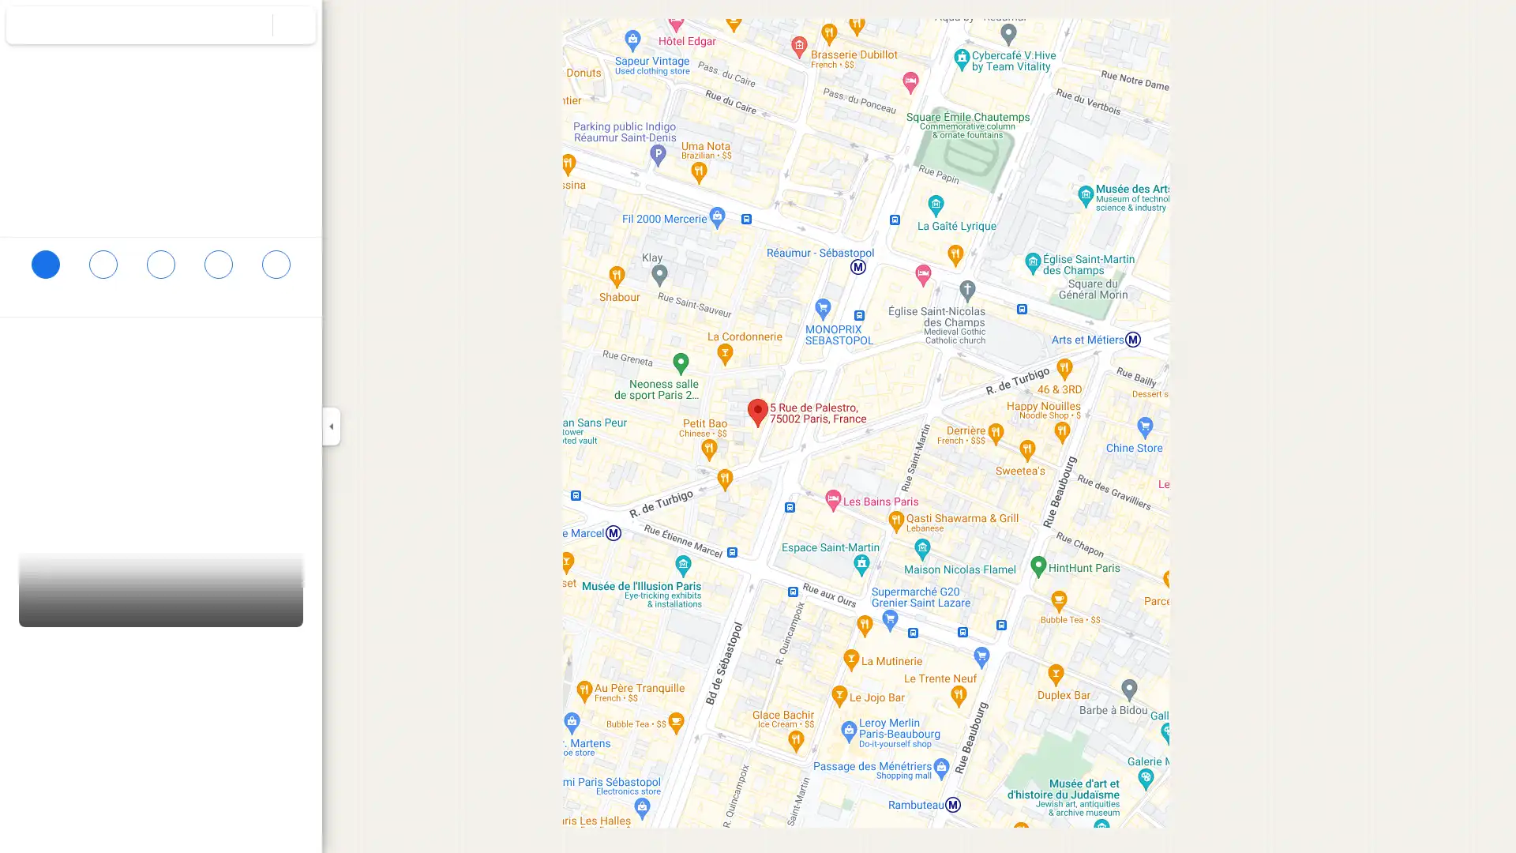 Image resolution: width=1516 pixels, height=853 pixels. I want to click on Clear search, so click(295, 24).